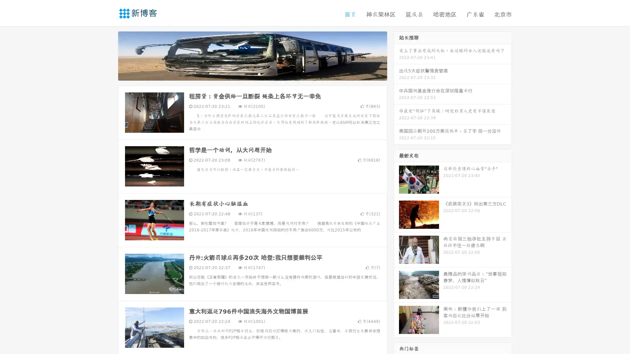  What do you see at coordinates (396, 55) in the screenshot?
I see `Next slide` at bounding box center [396, 55].